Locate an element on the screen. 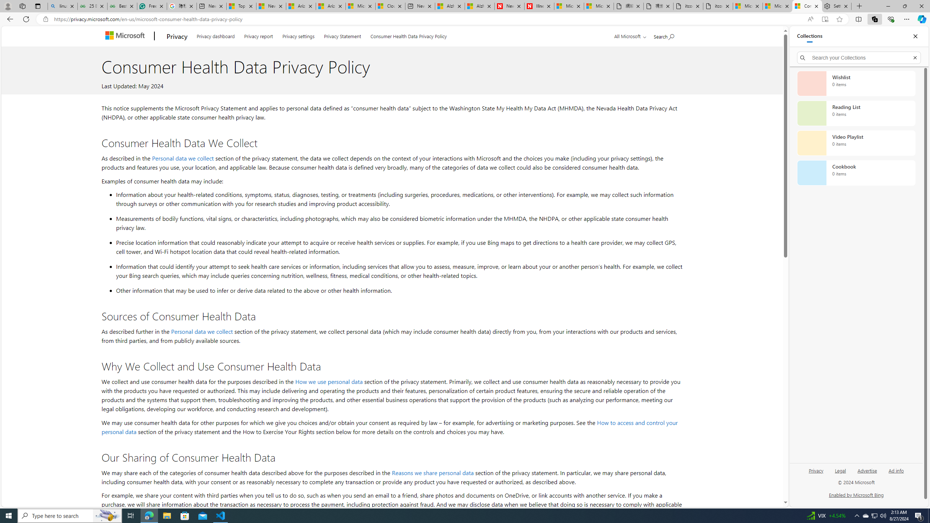 Image resolution: width=930 pixels, height=523 pixels. 'Privacy dashboard' is located at coordinates (215, 35).